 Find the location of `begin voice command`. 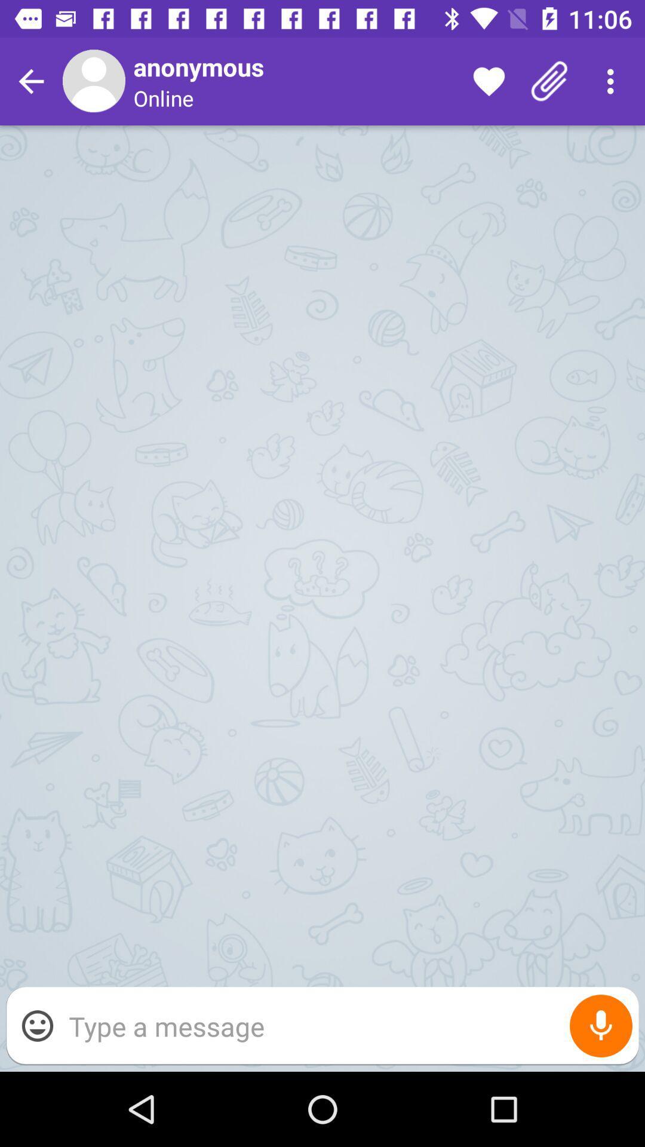

begin voice command is located at coordinates (601, 1025).